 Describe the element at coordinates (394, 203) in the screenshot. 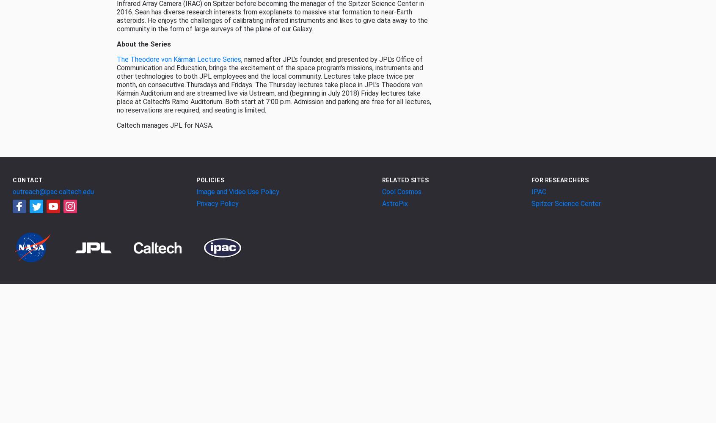

I see `'AstroPix'` at that location.